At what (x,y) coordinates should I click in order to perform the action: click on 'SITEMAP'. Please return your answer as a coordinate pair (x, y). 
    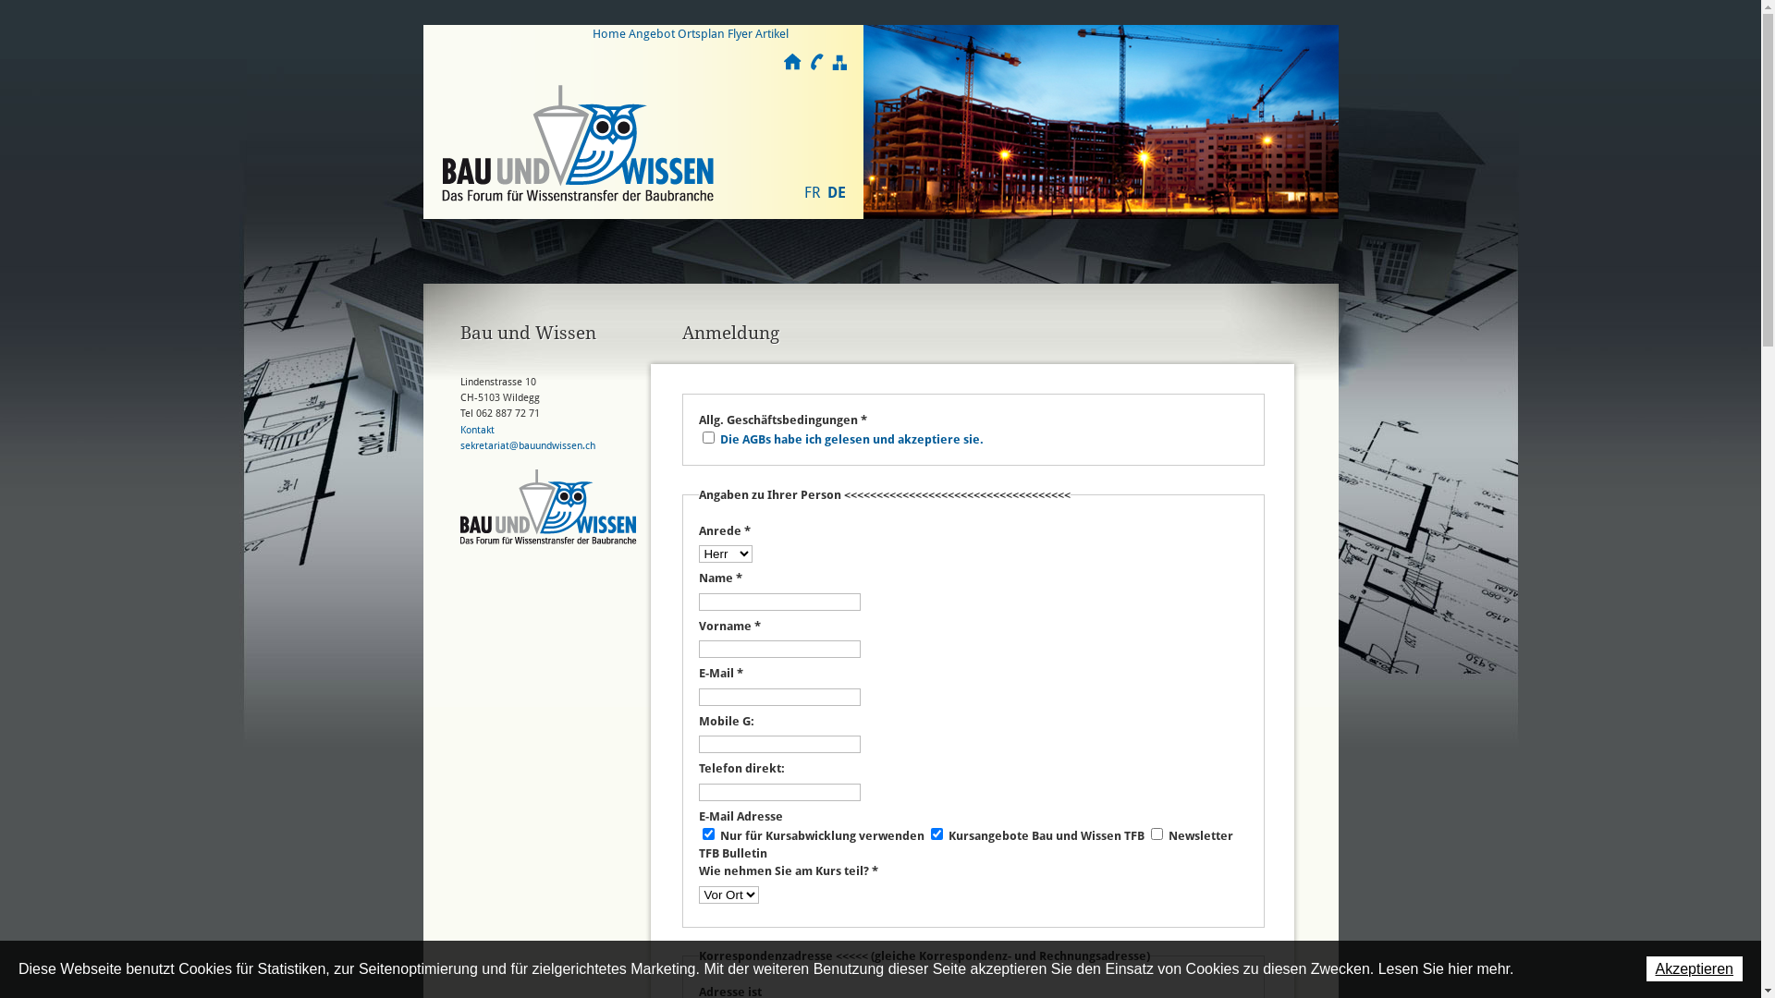
    Looking at the image, I should click on (828, 61).